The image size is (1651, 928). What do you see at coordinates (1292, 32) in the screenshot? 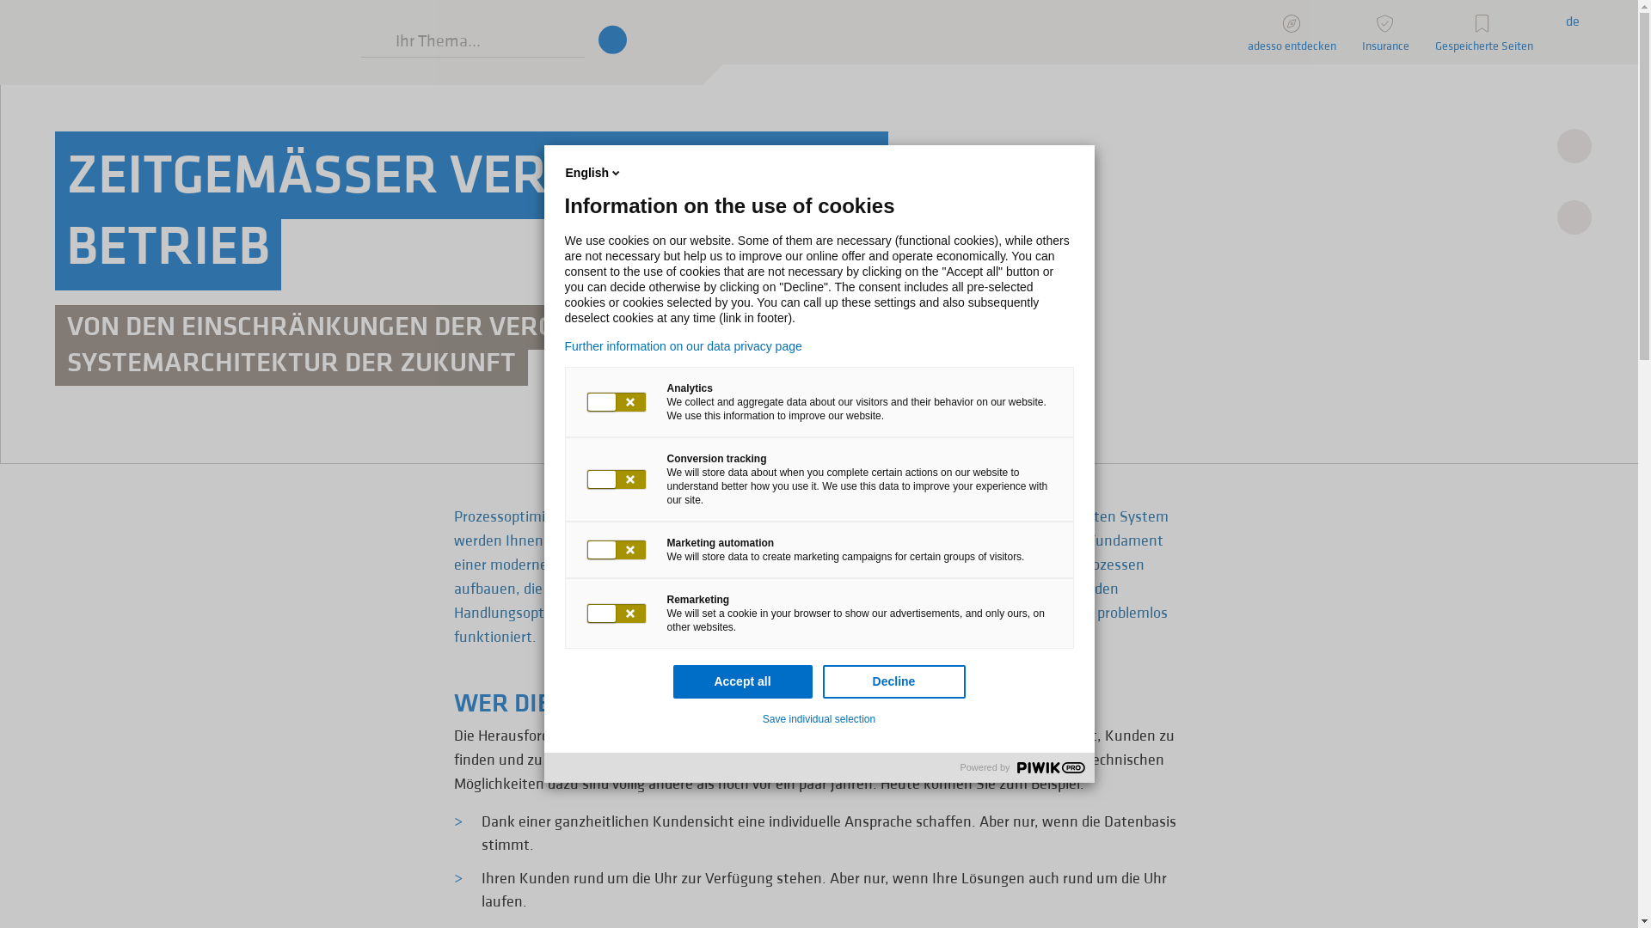
I see `'adesso entdecken'` at bounding box center [1292, 32].